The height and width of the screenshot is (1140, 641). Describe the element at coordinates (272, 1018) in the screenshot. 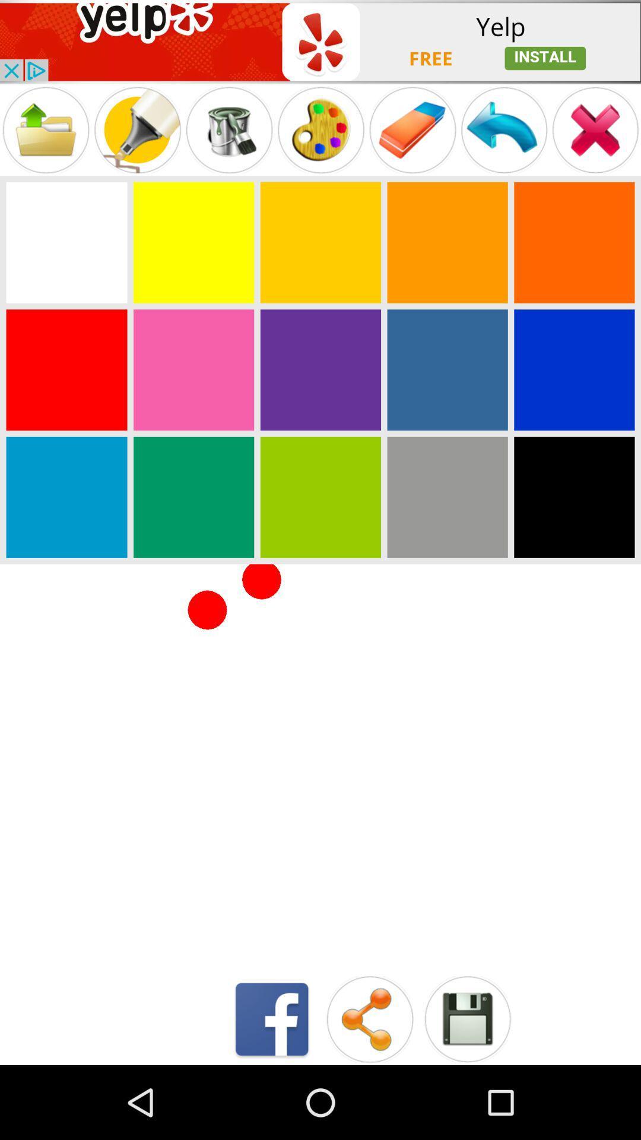

I see `open facebook` at that location.